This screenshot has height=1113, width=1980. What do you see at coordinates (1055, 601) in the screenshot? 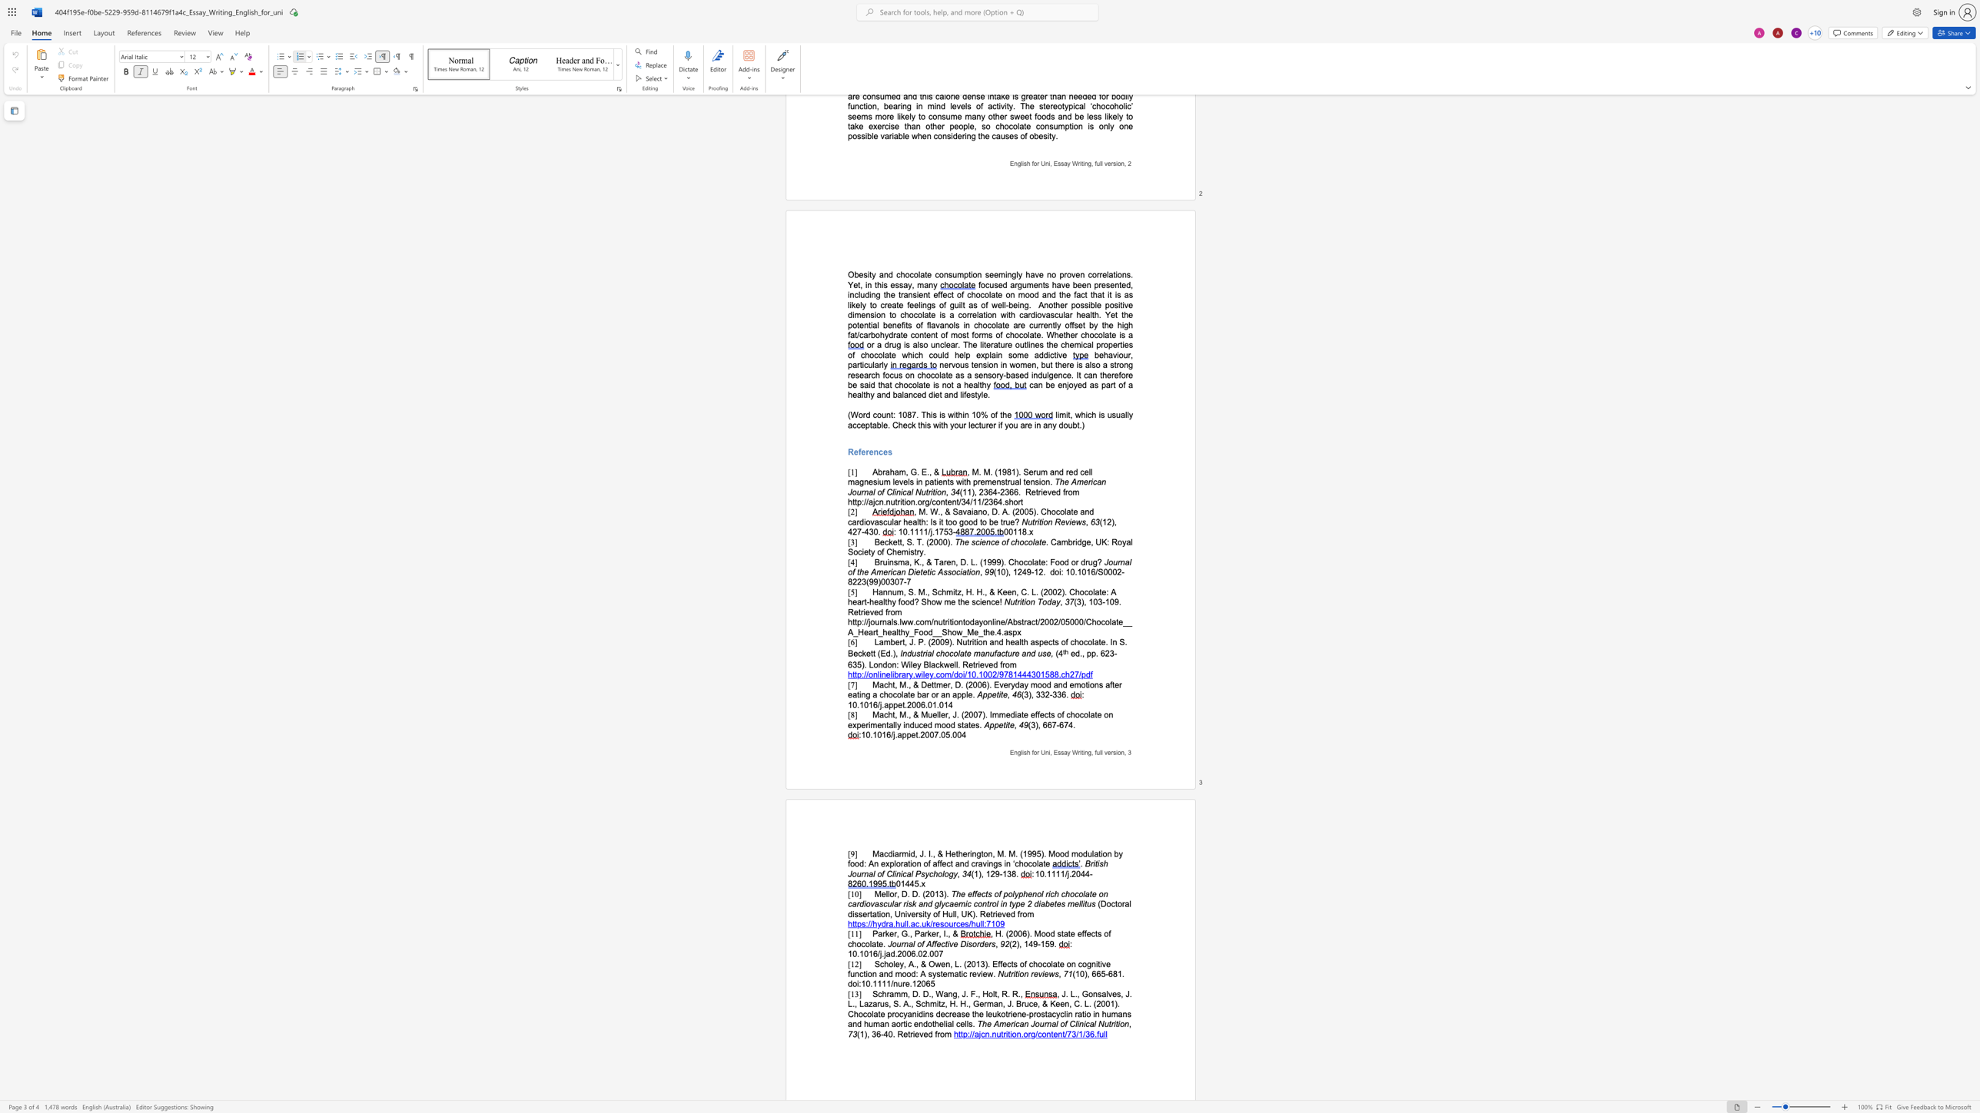
I see `the space between the continuous character "a" and "y" in the text` at bounding box center [1055, 601].